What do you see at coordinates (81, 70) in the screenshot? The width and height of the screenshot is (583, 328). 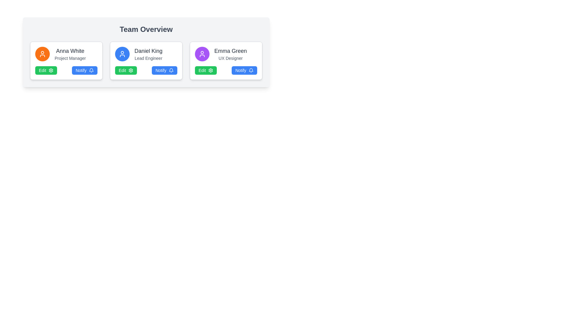 I see `the 'Notify' text label which is styled in white on a blue background and located on the left side of the button under the 'Anna White' card in the 'Team Overview' section` at bounding box center [81, 70].